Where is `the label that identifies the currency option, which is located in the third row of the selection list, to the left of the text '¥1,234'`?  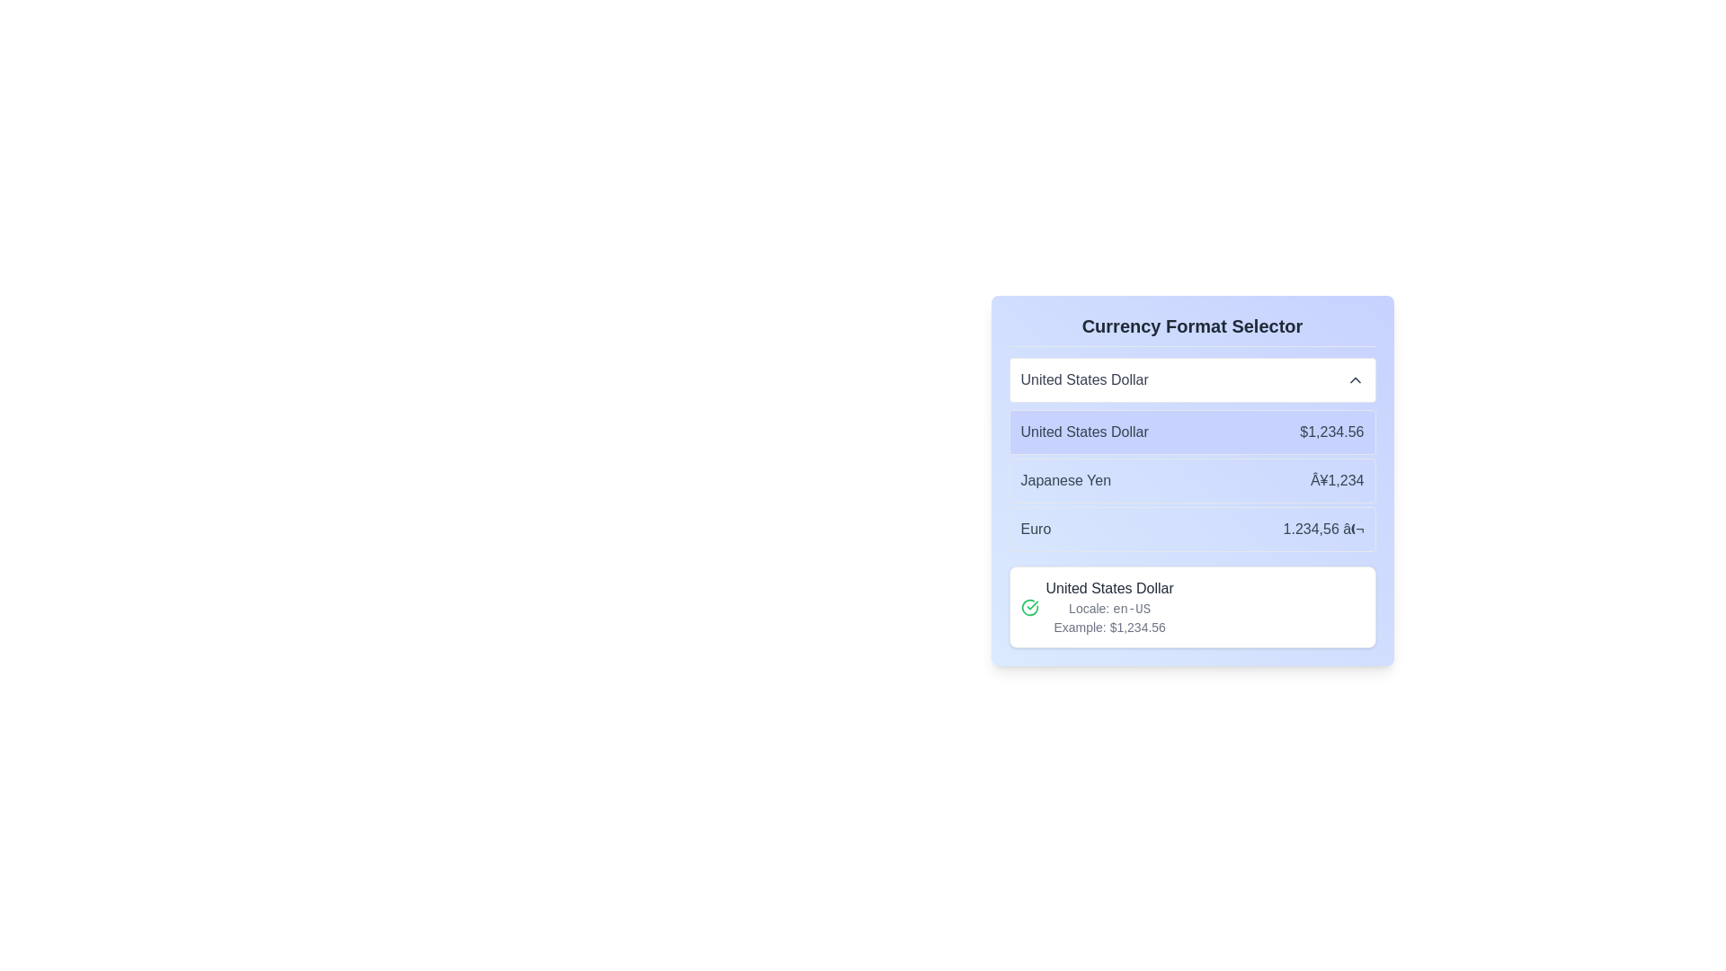
the label that identifies the currency option, which is located in the third row of the selection list, to the left of the text '¥1,234' is located at coordinates (1065, 480).